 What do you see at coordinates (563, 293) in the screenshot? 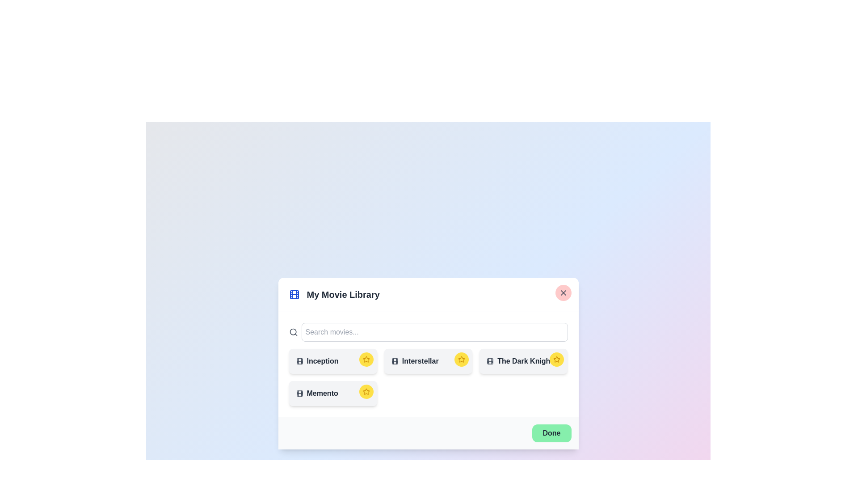
I see `the circular red button with an 'X' icon in the top-right corner of the 'My Movie Library' modal` at bounding box center [563, 293].